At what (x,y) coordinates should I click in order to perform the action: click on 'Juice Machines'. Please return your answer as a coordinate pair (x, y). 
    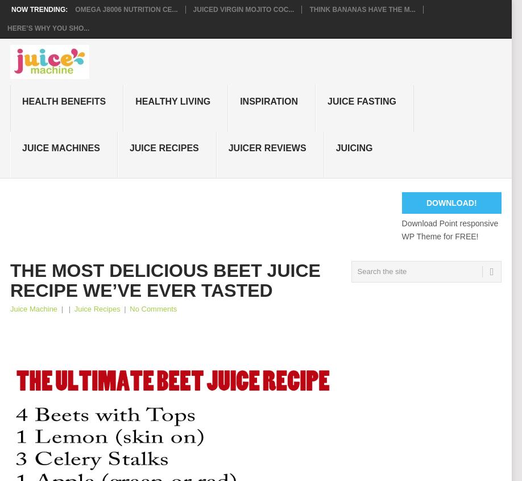
    Looking at the image, I should click on (60, 147).